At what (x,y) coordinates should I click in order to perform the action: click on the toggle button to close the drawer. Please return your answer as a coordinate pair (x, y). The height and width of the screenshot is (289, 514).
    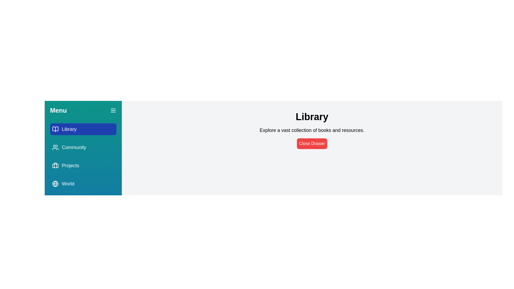
    Looking at the image, I should click on (113, 110).